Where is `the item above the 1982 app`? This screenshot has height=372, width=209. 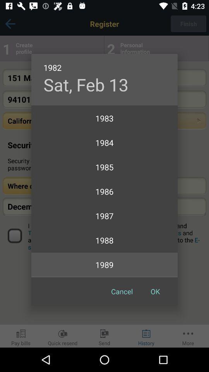
the item above the 1982 app is located at coordinates (86, 84).